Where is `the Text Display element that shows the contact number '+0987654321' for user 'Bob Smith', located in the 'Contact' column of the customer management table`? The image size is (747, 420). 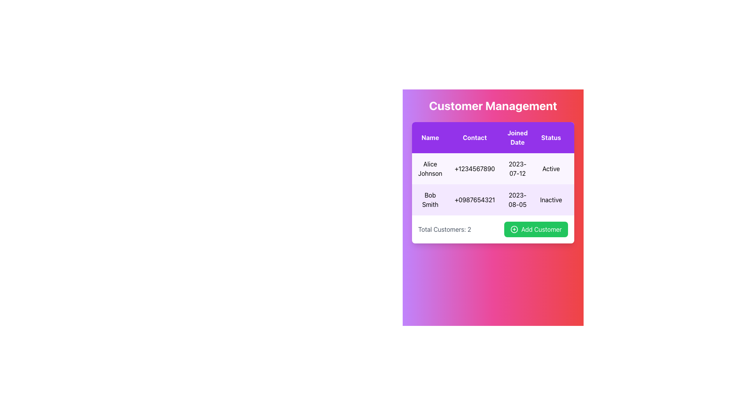
the Text Display element that shows the contact number '+0987654321' for user 'Bob Smith', located in the 'Contact' column of the customer management table is located at coordinates (474, 199).